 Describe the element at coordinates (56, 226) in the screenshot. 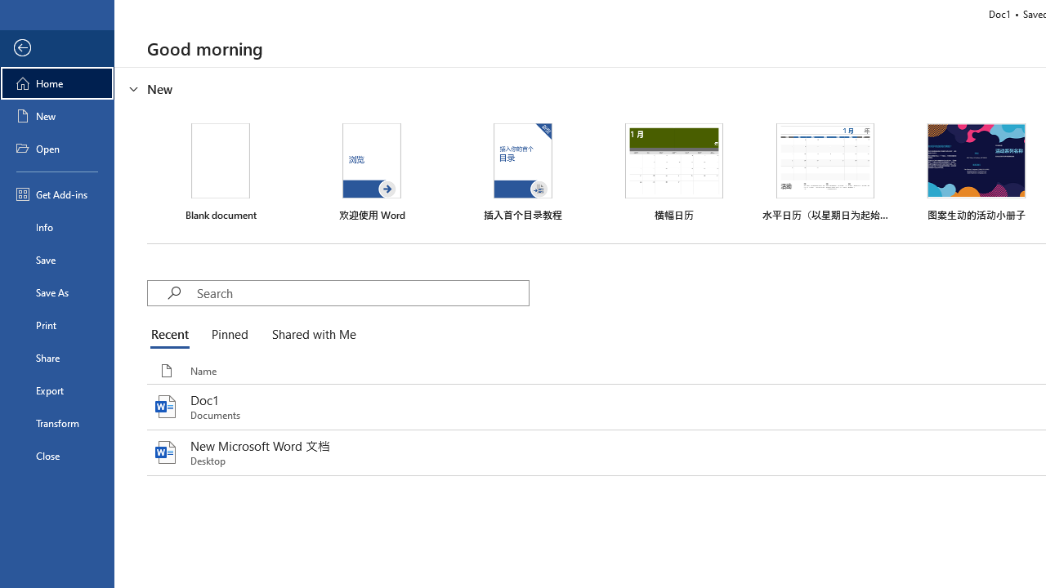

I see `'Info'` at that location.